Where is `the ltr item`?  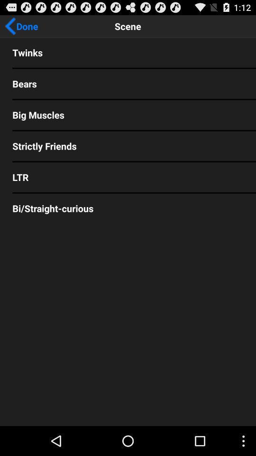
the ltr item is located at coordinates (128, 177).